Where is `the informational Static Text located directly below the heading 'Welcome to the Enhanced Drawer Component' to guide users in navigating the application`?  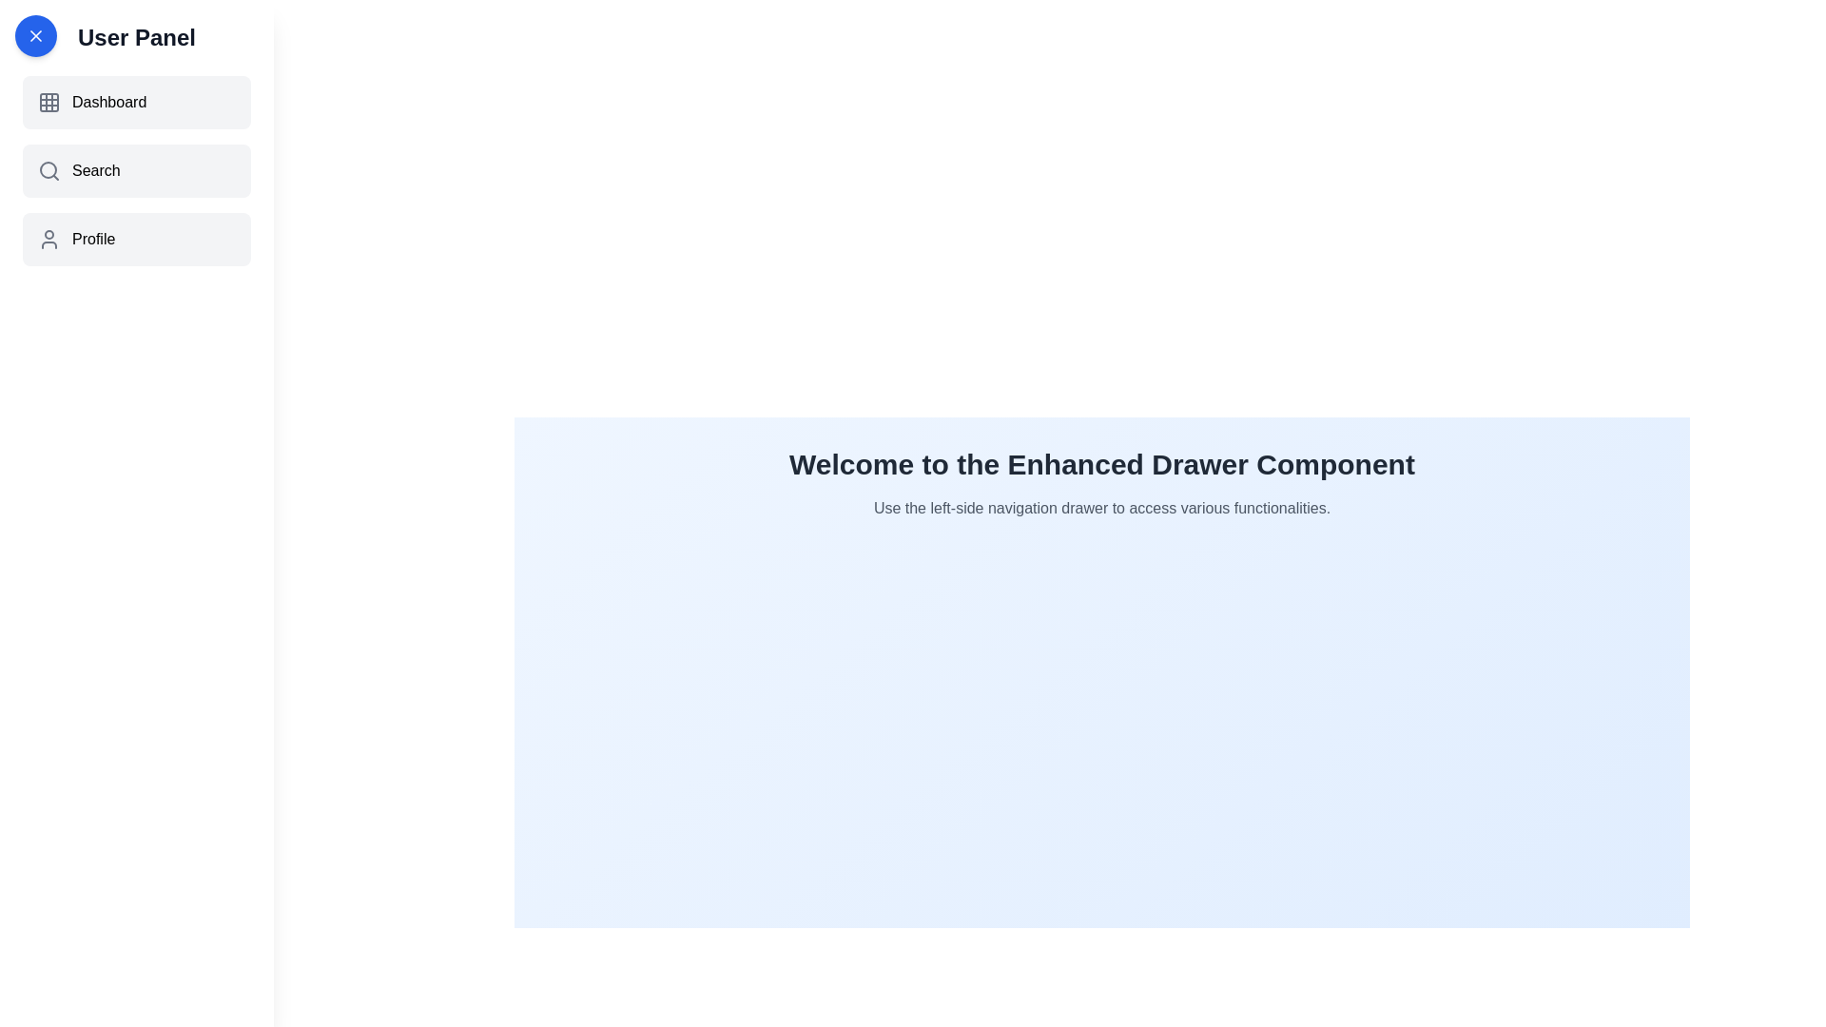
the informational Static Text located directly below the heading 'Welcome to the Enhanced Drawer Component' to guide users in navigating the application is located at coordinates (1101, 508).